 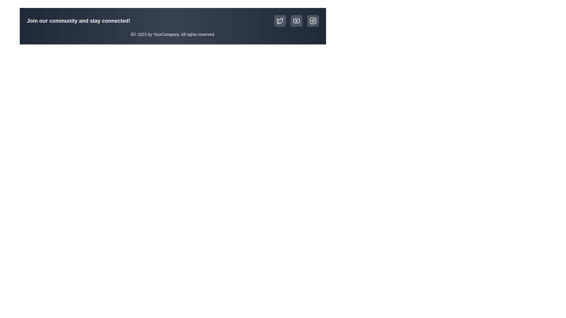 I want to click on any button in the gray rectangular horizontal button group containing Twitter, YouTube, and Instagram icons to change its background color, so click(x=297, y=20).